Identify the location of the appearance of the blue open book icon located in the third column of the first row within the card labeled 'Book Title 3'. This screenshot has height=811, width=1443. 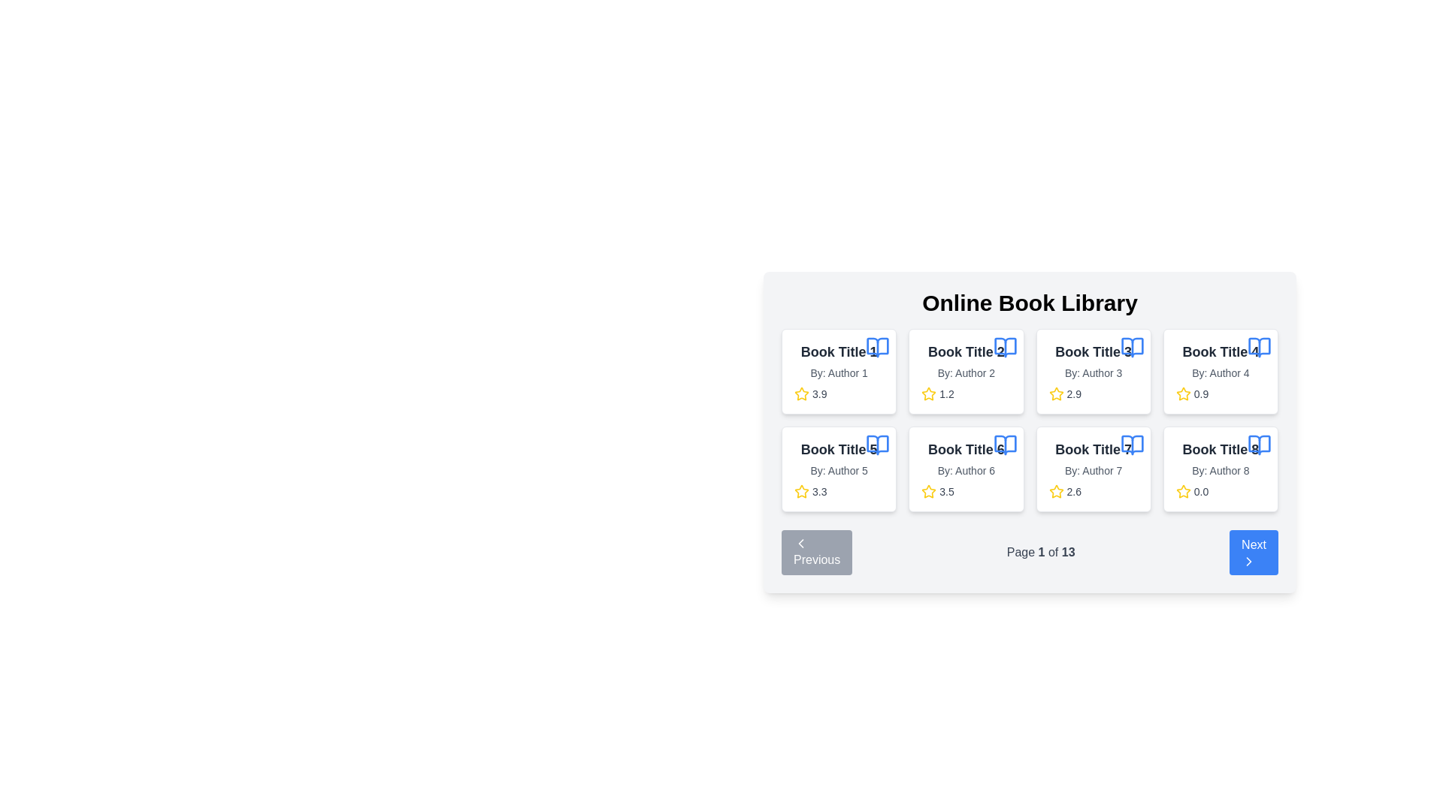
(1132, 347).